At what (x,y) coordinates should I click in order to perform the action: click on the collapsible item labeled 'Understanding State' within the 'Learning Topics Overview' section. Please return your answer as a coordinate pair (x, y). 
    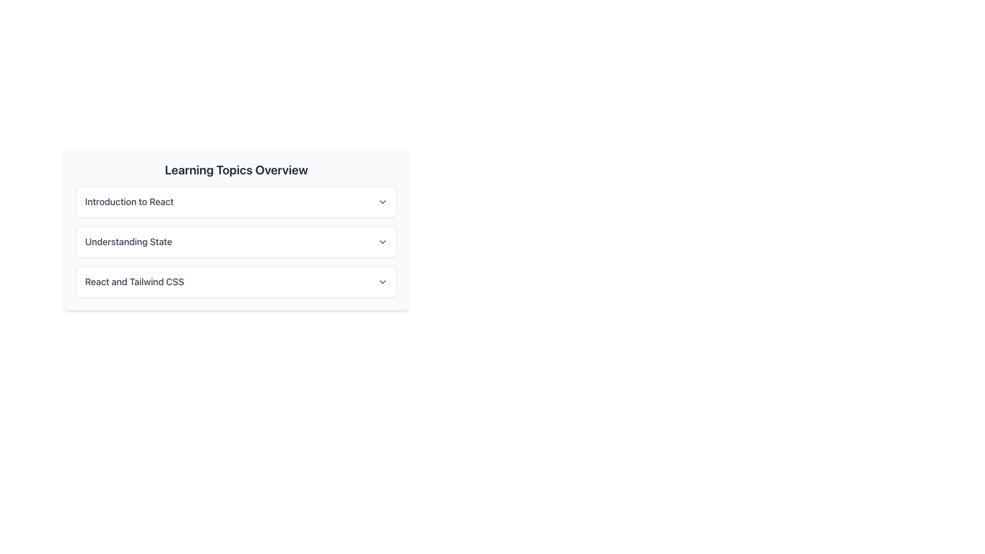
    Looking at the image, I should click on (235, 242).